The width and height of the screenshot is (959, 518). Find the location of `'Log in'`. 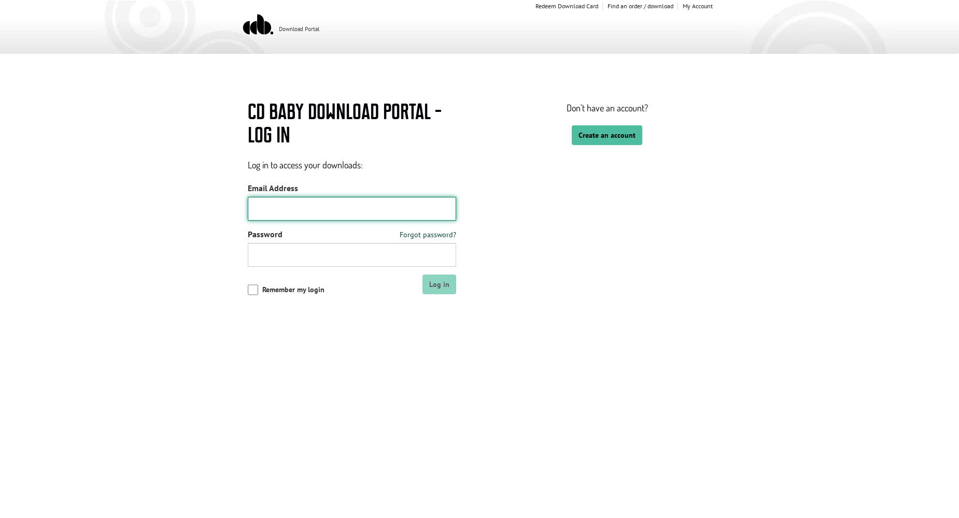

'Log in' is located at coordinates (439, 284).